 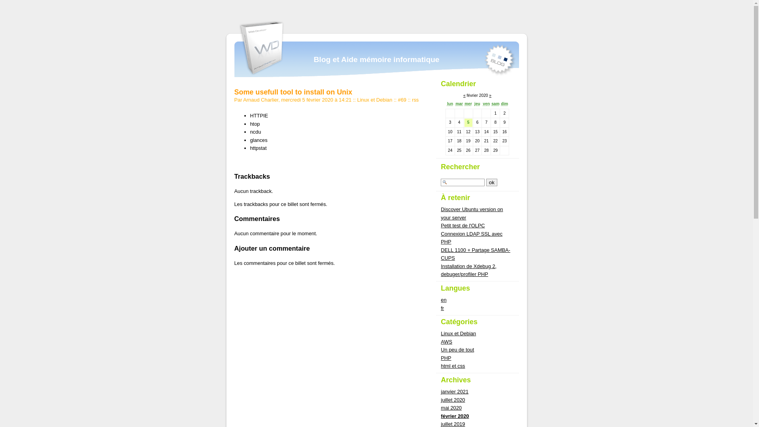 I want to click on 'Connexion LDAP SSL avec PHP', so click(x=472, y=237).